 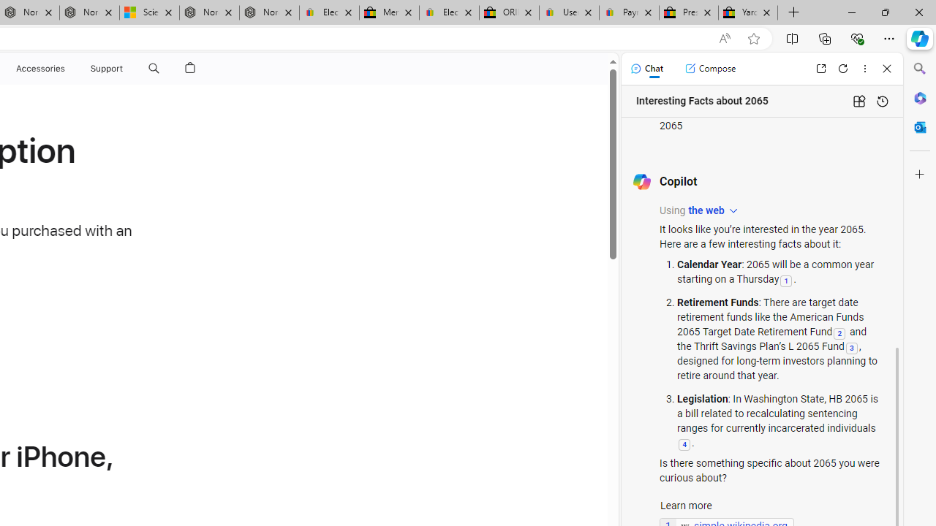 I want to click on 'AutomationID: globalnav-bag', so click(x=189, y=68).